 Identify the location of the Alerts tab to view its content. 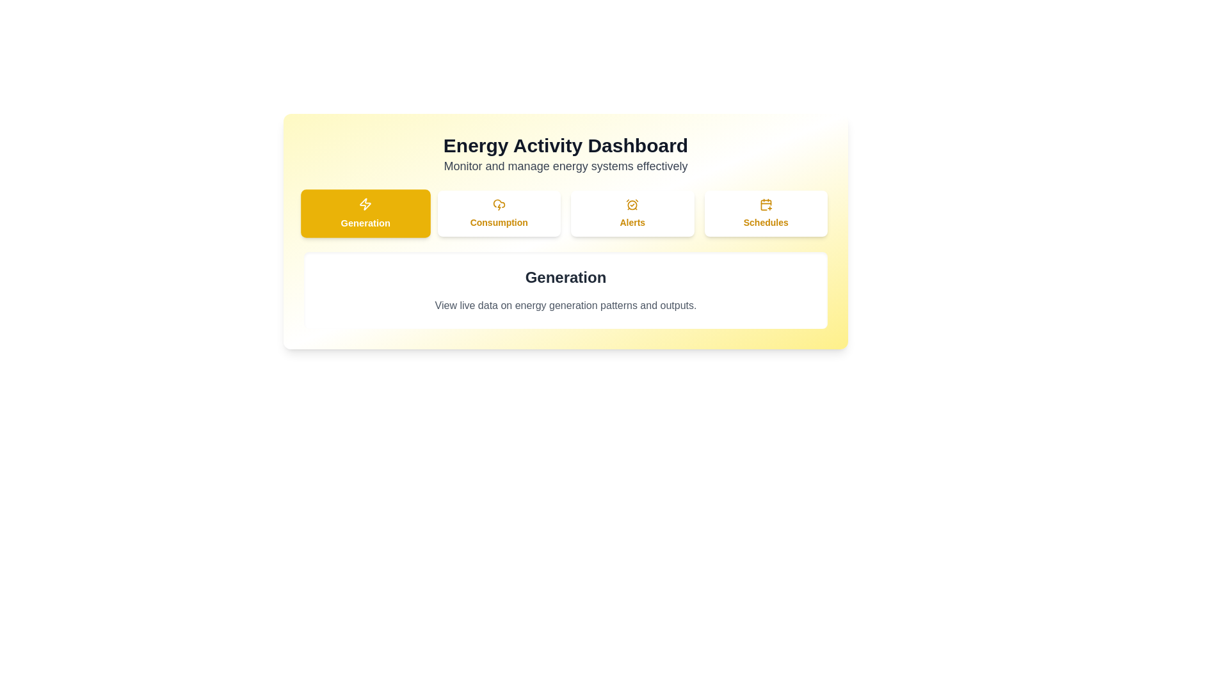
(632, 213).